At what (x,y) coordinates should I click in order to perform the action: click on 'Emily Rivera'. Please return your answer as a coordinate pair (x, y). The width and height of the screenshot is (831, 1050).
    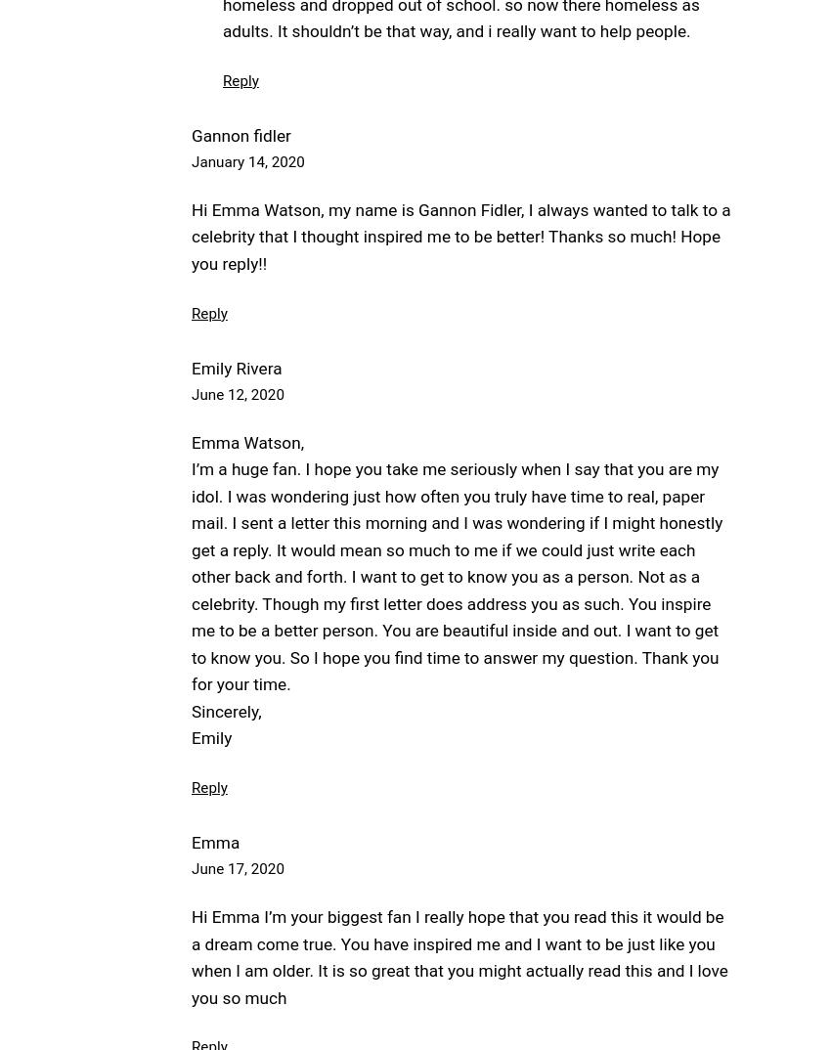
    Looking at the image, I should click on (236, 367).